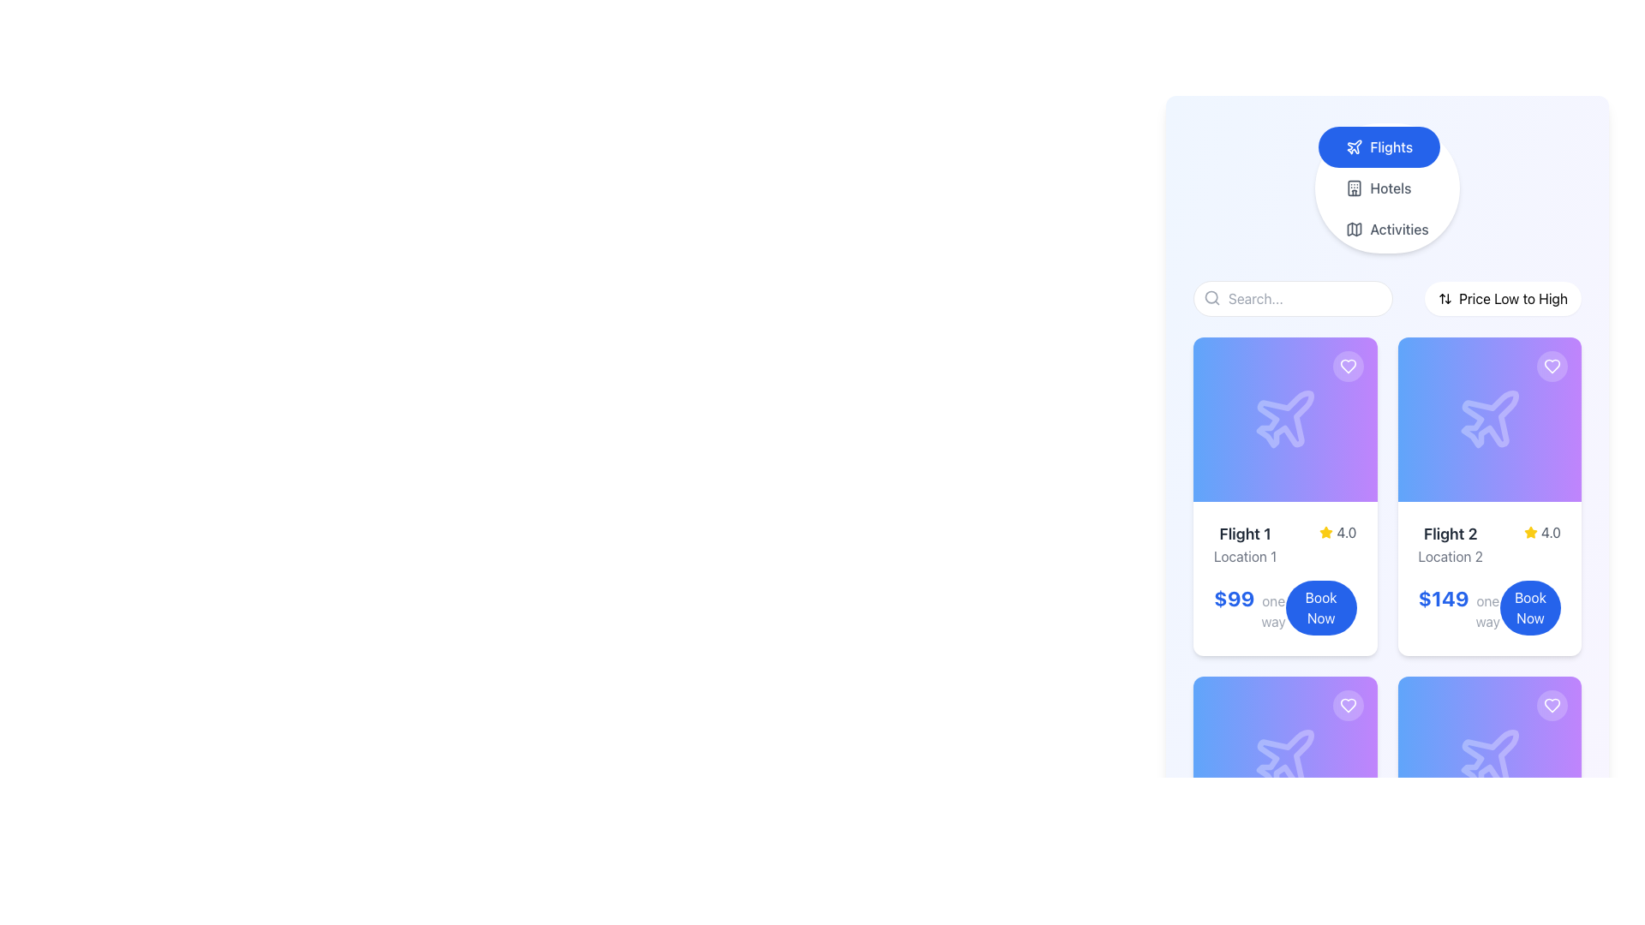 This screenshot has height=925, width=1645. Describe the element at coordinates (1450, 545) in the screenshot. I see `and interpret the text content of the Text block containing 'Flight 2' and 'Location 2', which is located at the top-left of the second card in the second column of the grid` at that location.